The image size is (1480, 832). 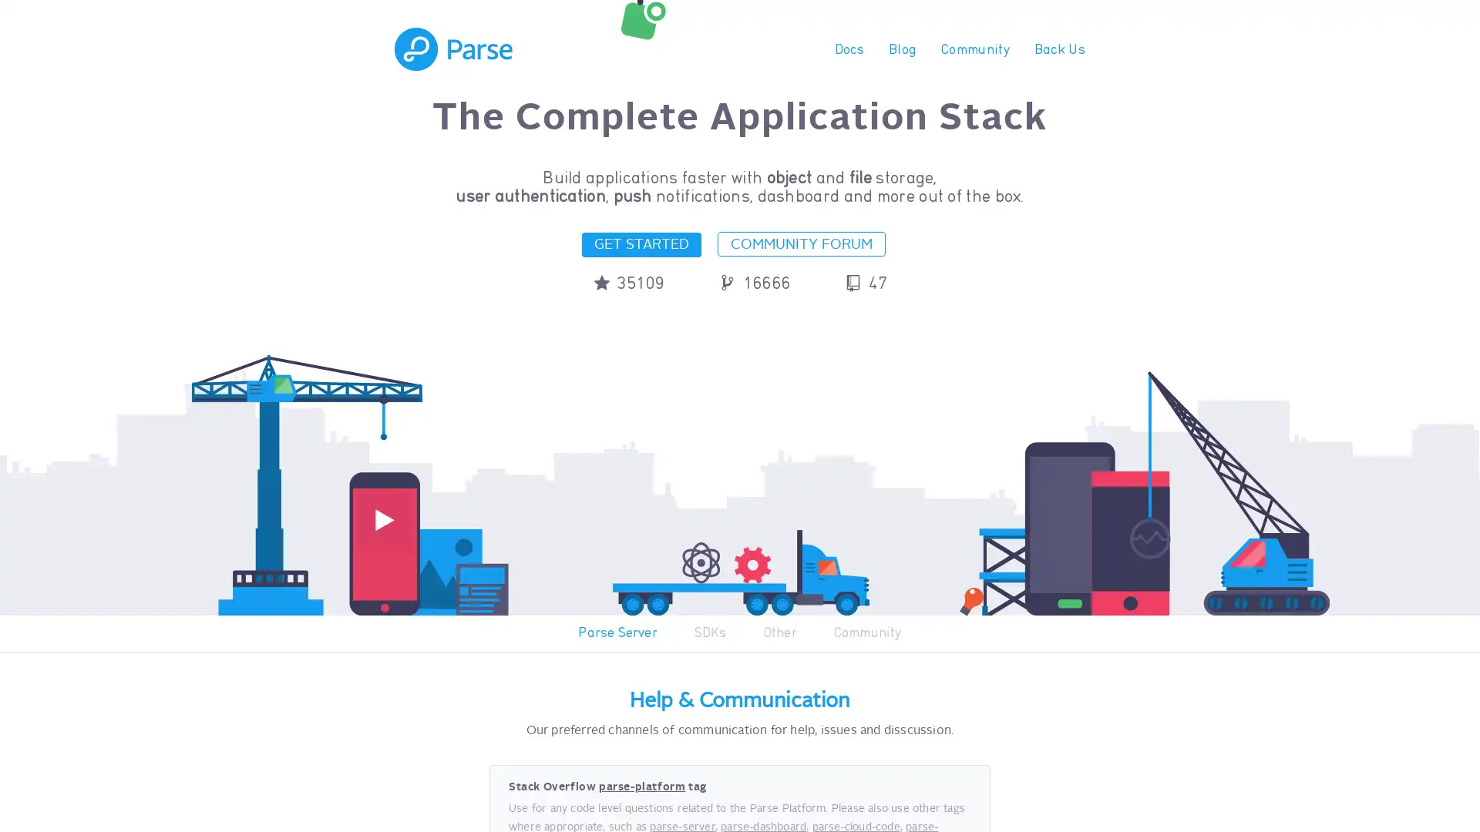 What do you see at coordinates (641, 243) in the screenshot?
I see `GET STARTED` at bounding box center [641, 243].